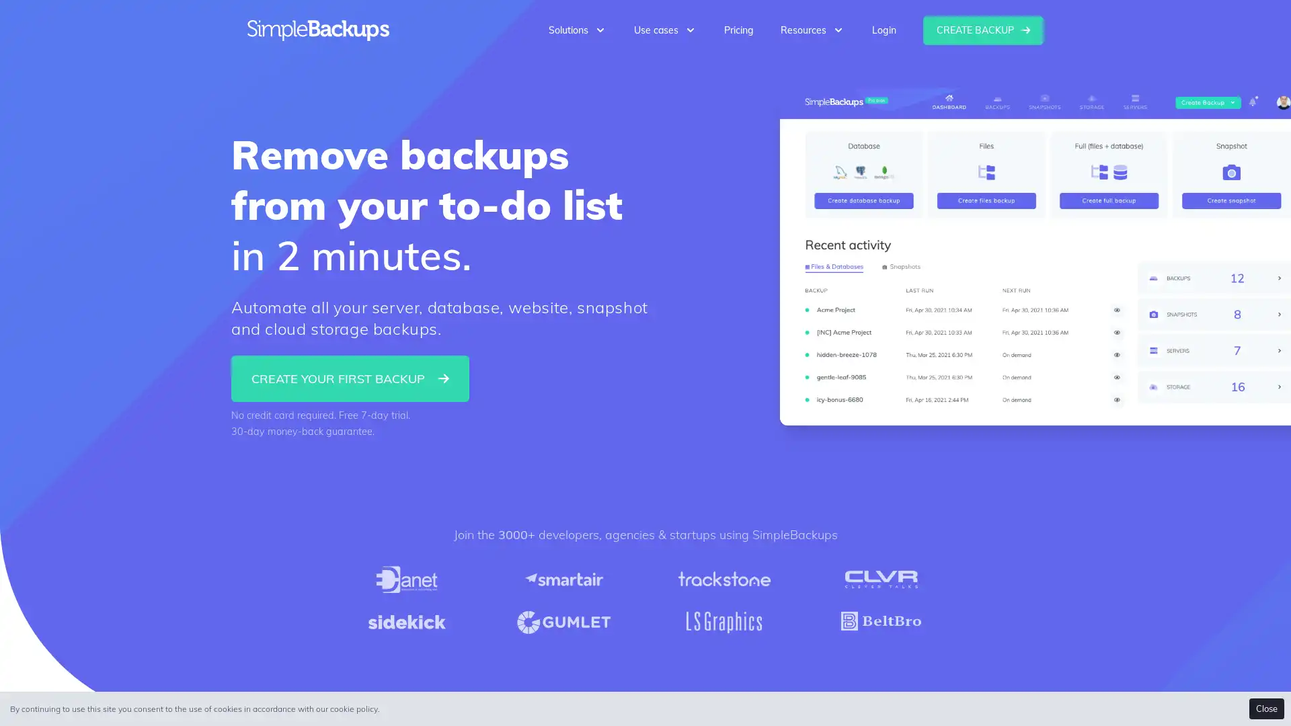 Image resolution: width=1291 pixels, height=726 pixels. What do you see at coordinates (1265, 707) in the screenshot?
I see `Accept cookies` at bounding box center [1265, 707].